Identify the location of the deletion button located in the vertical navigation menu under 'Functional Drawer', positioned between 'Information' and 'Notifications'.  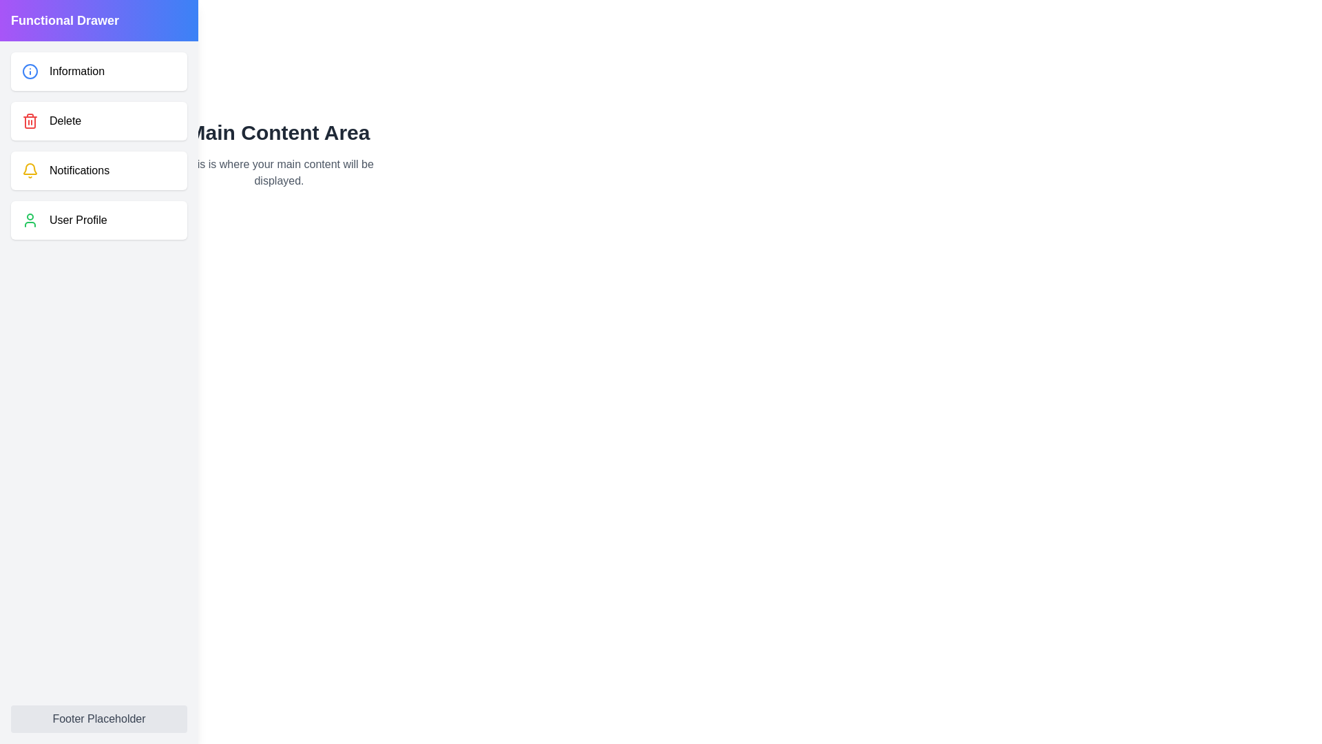
(98, 121).